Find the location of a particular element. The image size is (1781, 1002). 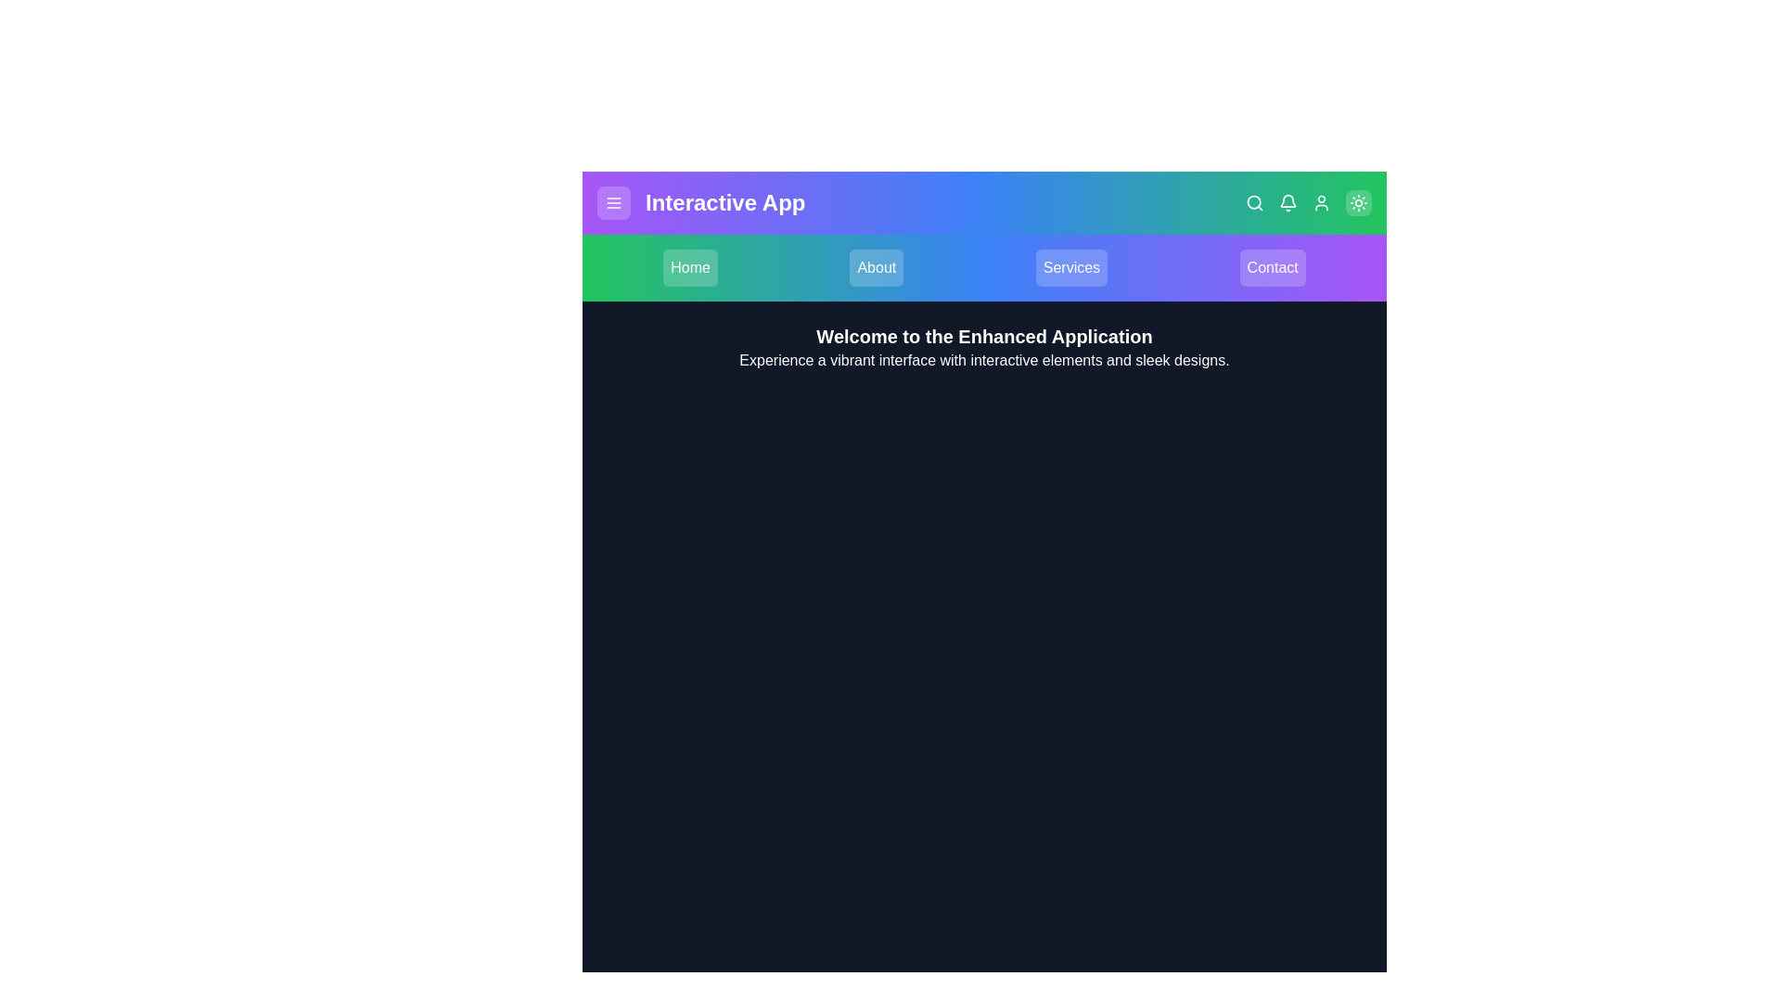

the Bell icon to trigger its associated functionality is located at coordinates (1287, 203).